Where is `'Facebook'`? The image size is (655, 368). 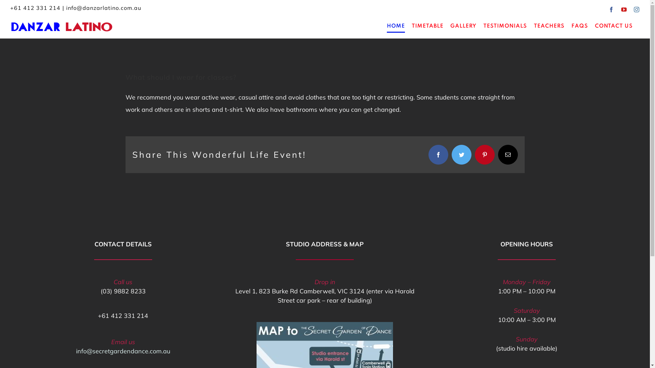 'Facebook' is located at coordinates (611, 9).